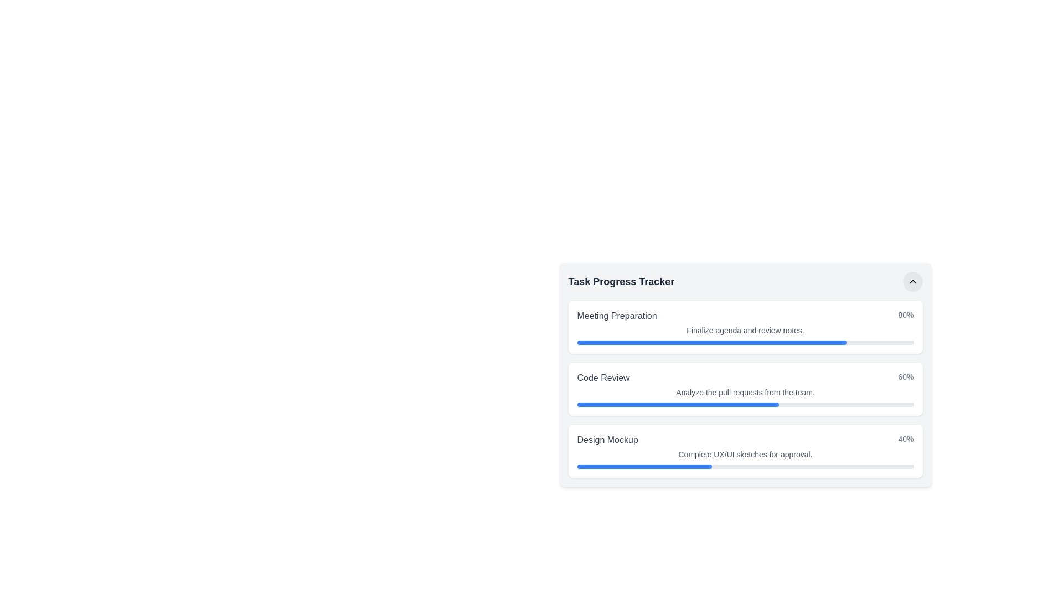  I want to click on the horizontal progress bar indicating approximately 40% completion in the 'Design Mockup' row of the 'Task Progress Tracker' section, so click(644, 467).